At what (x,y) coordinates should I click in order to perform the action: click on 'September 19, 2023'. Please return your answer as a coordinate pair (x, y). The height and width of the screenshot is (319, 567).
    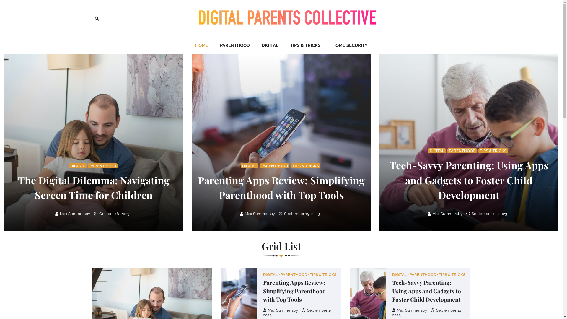
    Looking at the image, I should click on (298, 312).